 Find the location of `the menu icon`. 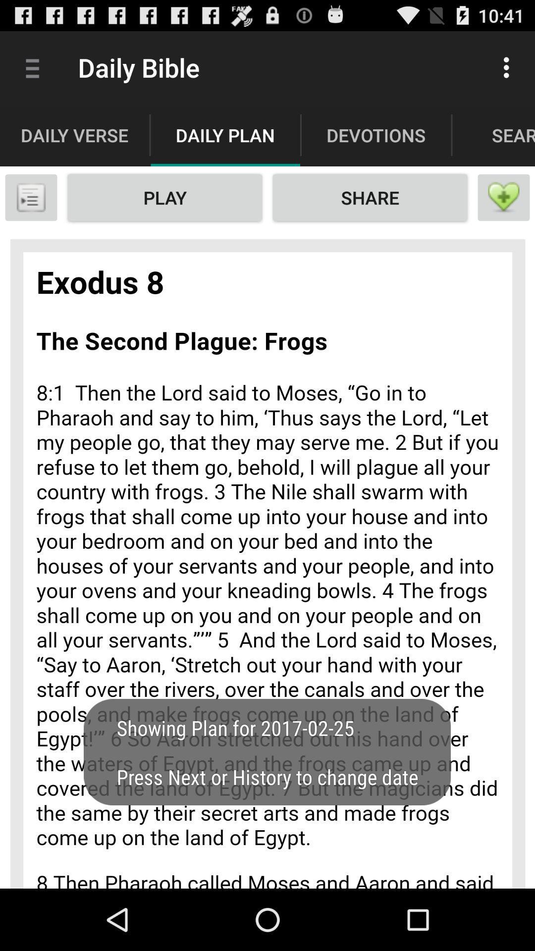

the menu icon is located at coordinates (30, 211).